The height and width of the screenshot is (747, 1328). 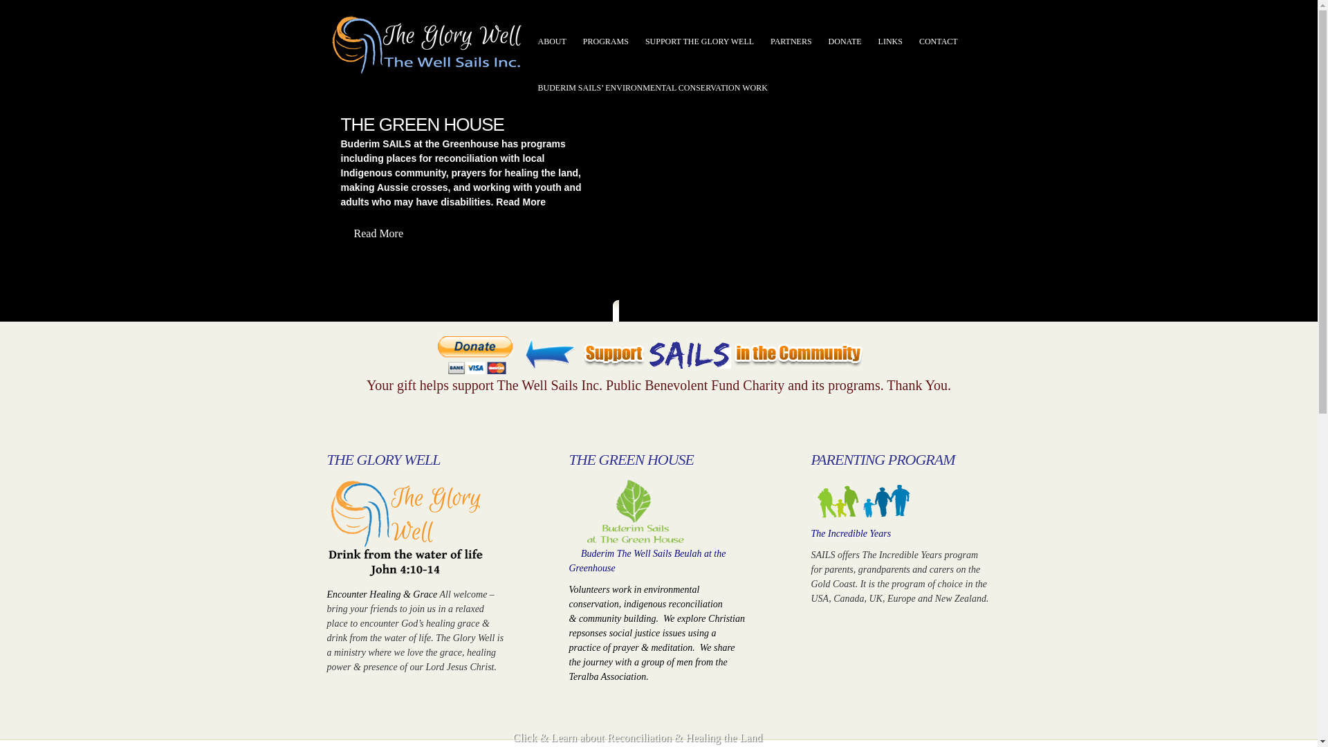 I want to click on 'THE GREEN HOUSE', so click(x=340, y=124).